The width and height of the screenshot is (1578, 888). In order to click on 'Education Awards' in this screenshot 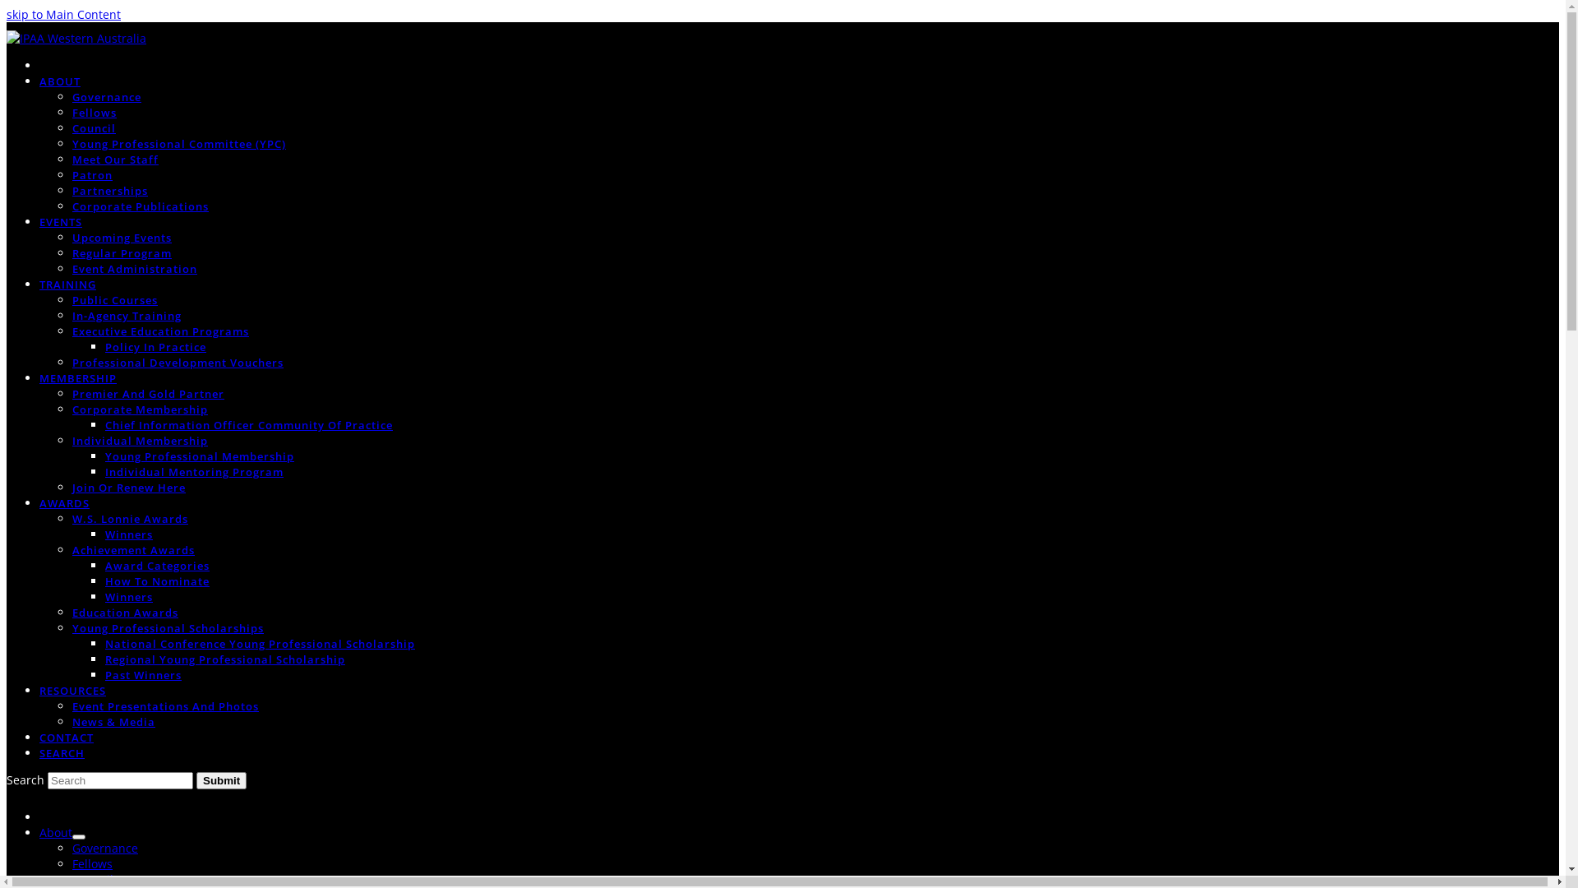, I will do `click(124, 612)`.